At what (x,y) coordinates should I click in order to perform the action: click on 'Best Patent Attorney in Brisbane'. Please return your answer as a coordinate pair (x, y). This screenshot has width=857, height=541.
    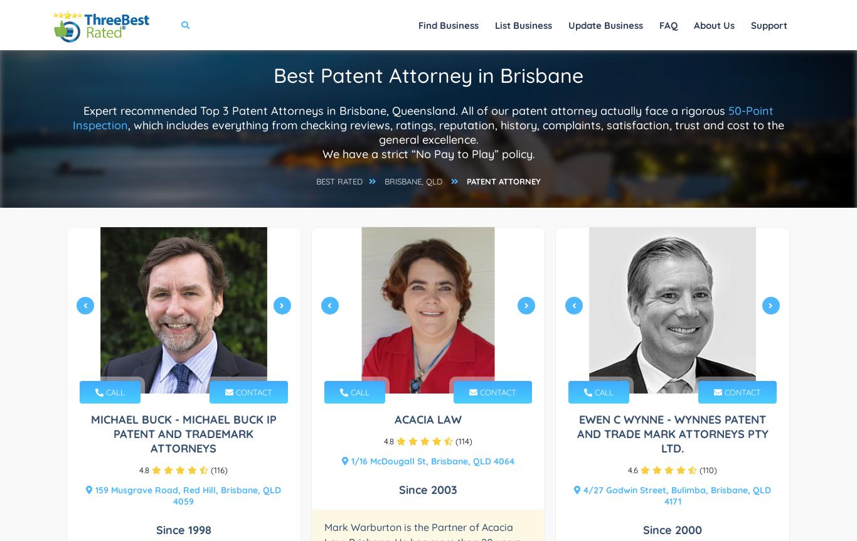
    Looking at the image, I should click on (428, 74).